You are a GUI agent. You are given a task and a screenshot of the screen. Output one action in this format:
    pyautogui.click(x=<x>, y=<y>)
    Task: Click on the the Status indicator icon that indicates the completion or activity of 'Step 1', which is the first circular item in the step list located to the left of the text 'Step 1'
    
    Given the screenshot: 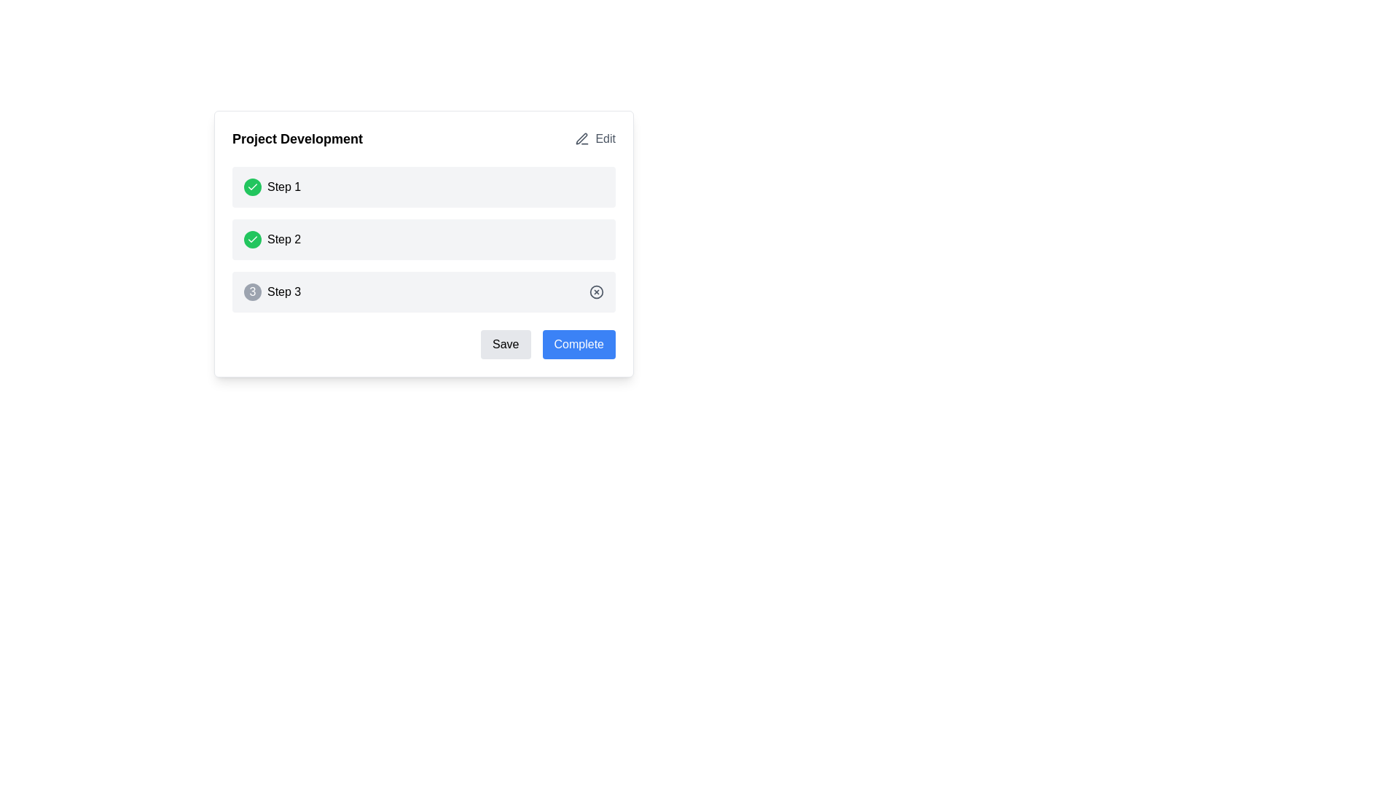 What is the action you would take?
    pyautogui.click(x=252, y=187)
    